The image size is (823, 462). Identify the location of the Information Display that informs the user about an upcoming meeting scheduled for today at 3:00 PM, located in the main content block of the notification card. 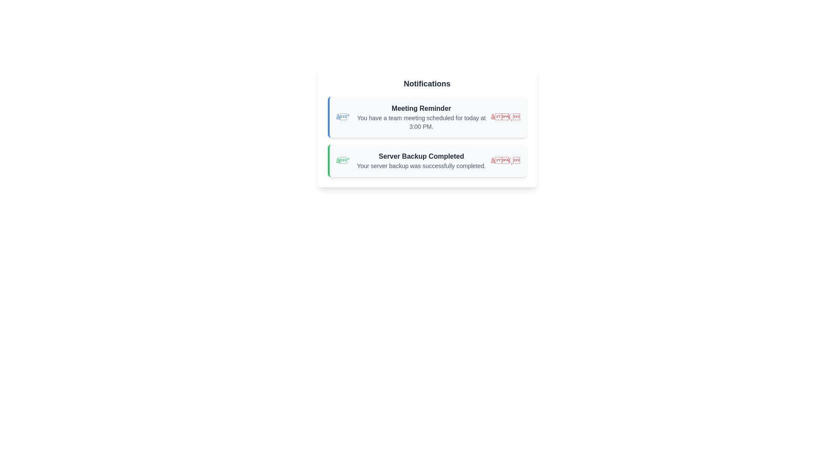
(421, 117).